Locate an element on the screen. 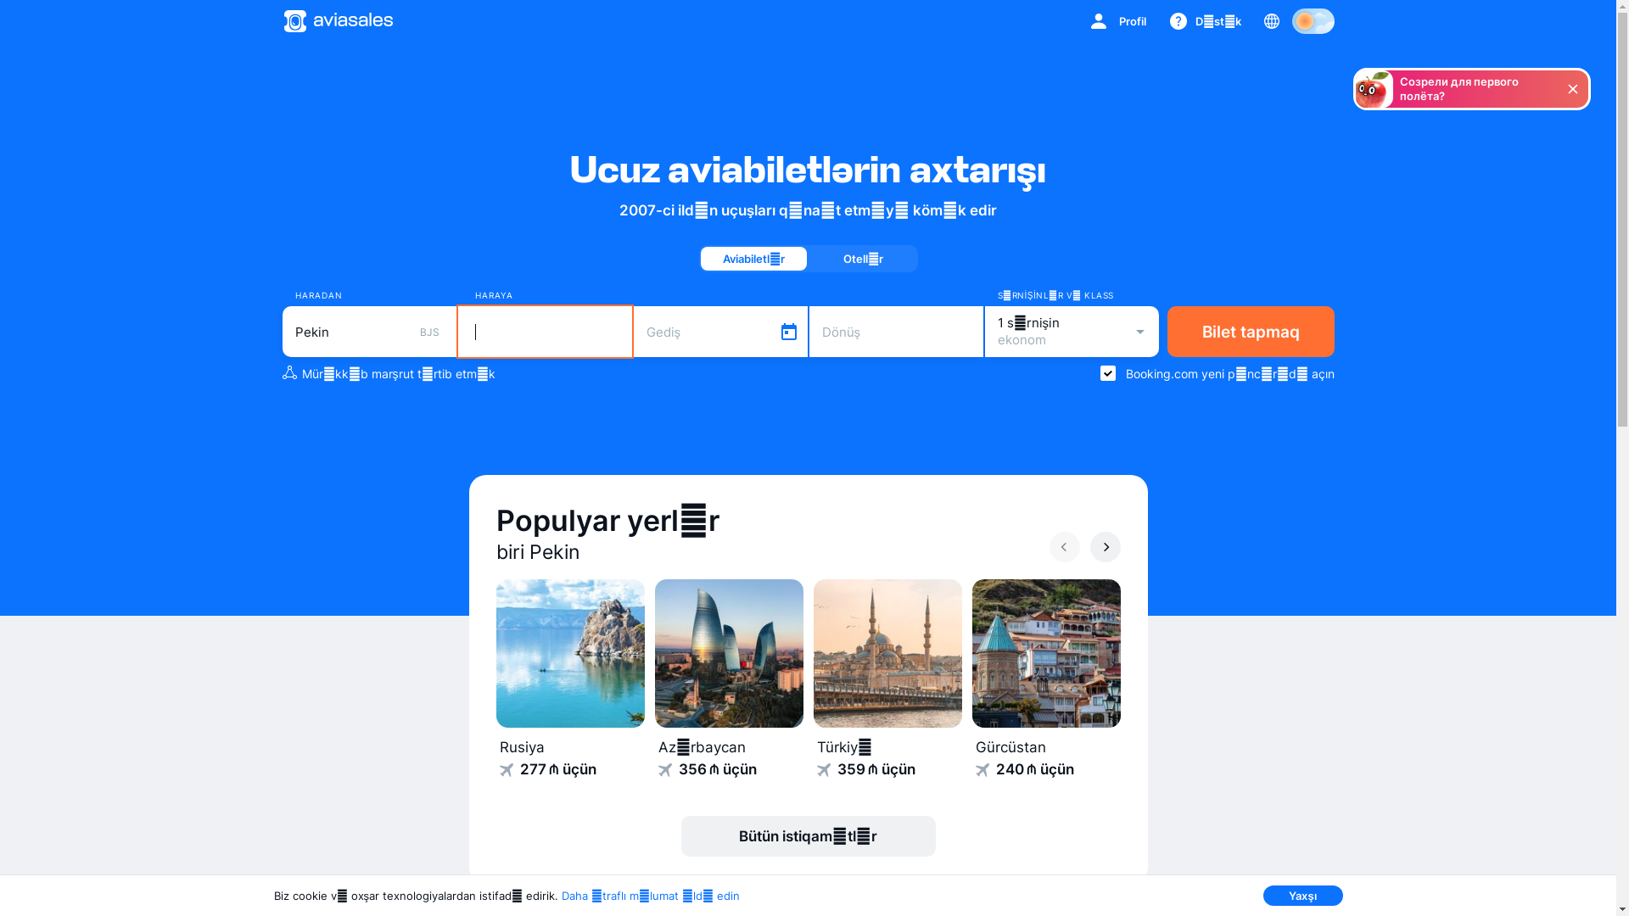 The width and height of the screenshot is (1629, 916). 'Bilet tapmaq' is located at coordinates (1251, 331).